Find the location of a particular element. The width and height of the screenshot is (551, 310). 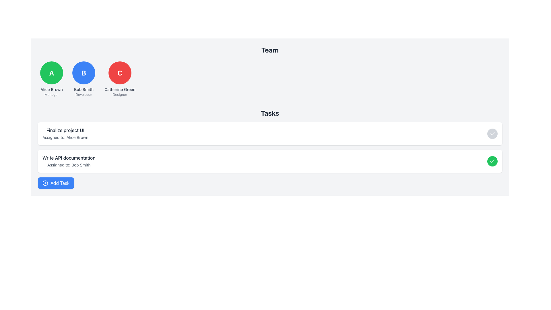

the confirmation button located to the far right of the task item labeled 'Write API documentation' to confirm or complete the task is located at coordinates (492, 161).